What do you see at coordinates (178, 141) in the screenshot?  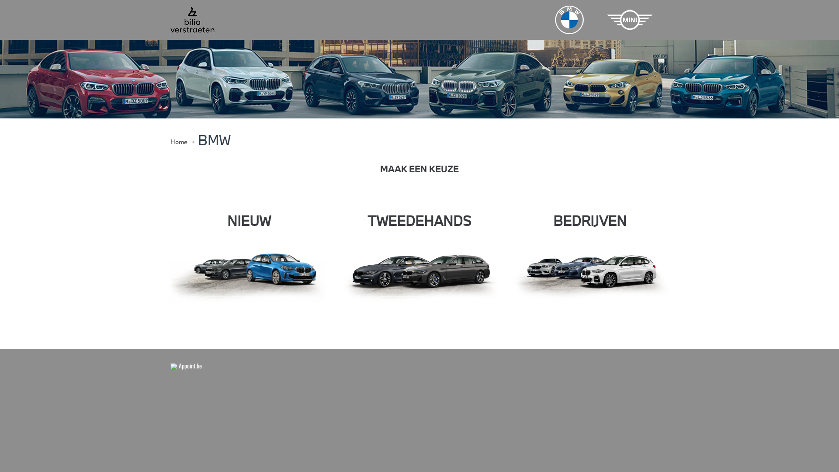 I see `'Home'` at bounding box center [178, 141].